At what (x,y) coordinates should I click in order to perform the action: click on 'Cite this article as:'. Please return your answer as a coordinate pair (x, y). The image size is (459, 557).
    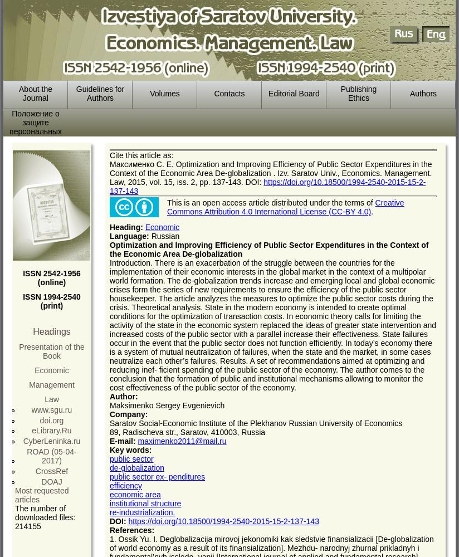
    Looking at the image, I should click on (141, 155).